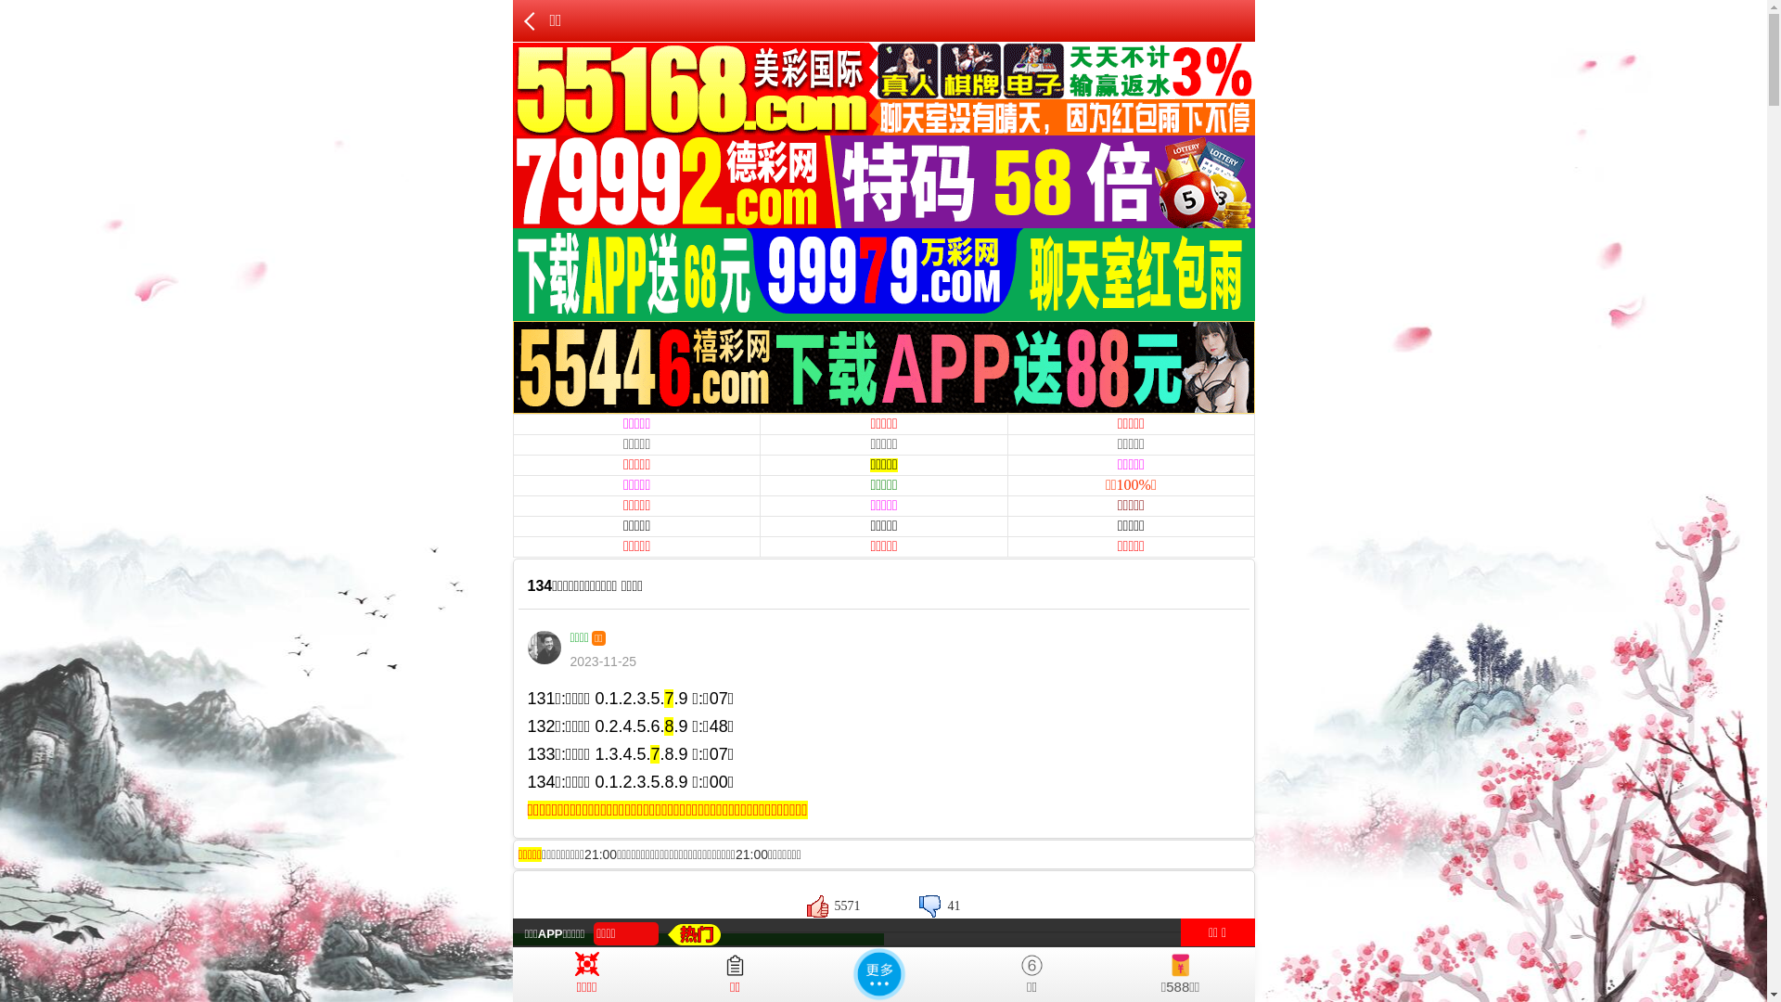  What do you see at coordinates (939, 905) in the screenshot?
I see `'41'` at bounding box center [939, 905].